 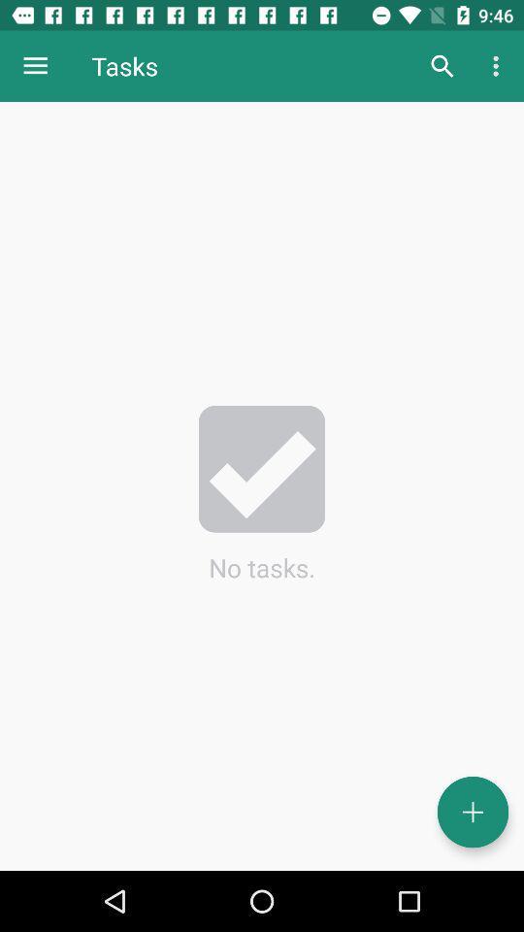 I want to click on the icon at the bottom right corner, so click(x=472, y=812).